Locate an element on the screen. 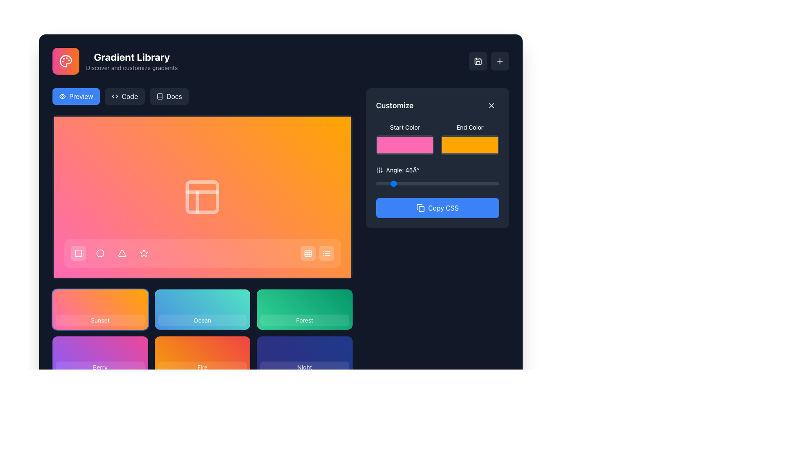 Image resolution: width=806 pixels, height=453 pixels. the 'End Color' text label, which is part of the 'Customize' section and is positioned above an orange color selection box is located at coordinates (469, 128).